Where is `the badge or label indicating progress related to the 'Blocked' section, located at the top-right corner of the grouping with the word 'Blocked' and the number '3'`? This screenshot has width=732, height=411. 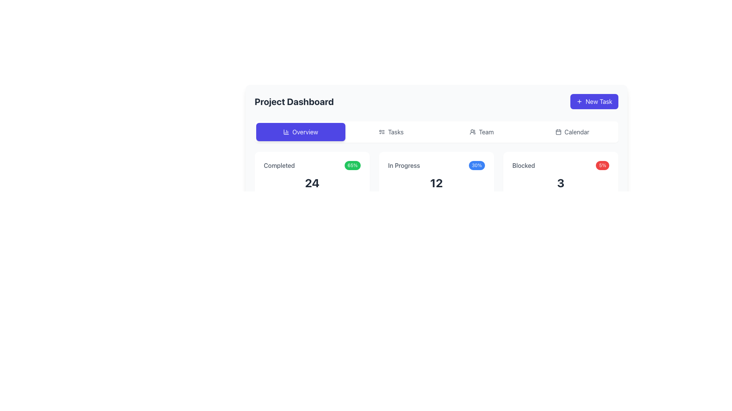
the badge or label indicating progress related to the 'Blocked' section, located at the top-right corner of the grouping with the word 'Blocked' and the number '3' is located at coordinates (602, 165).